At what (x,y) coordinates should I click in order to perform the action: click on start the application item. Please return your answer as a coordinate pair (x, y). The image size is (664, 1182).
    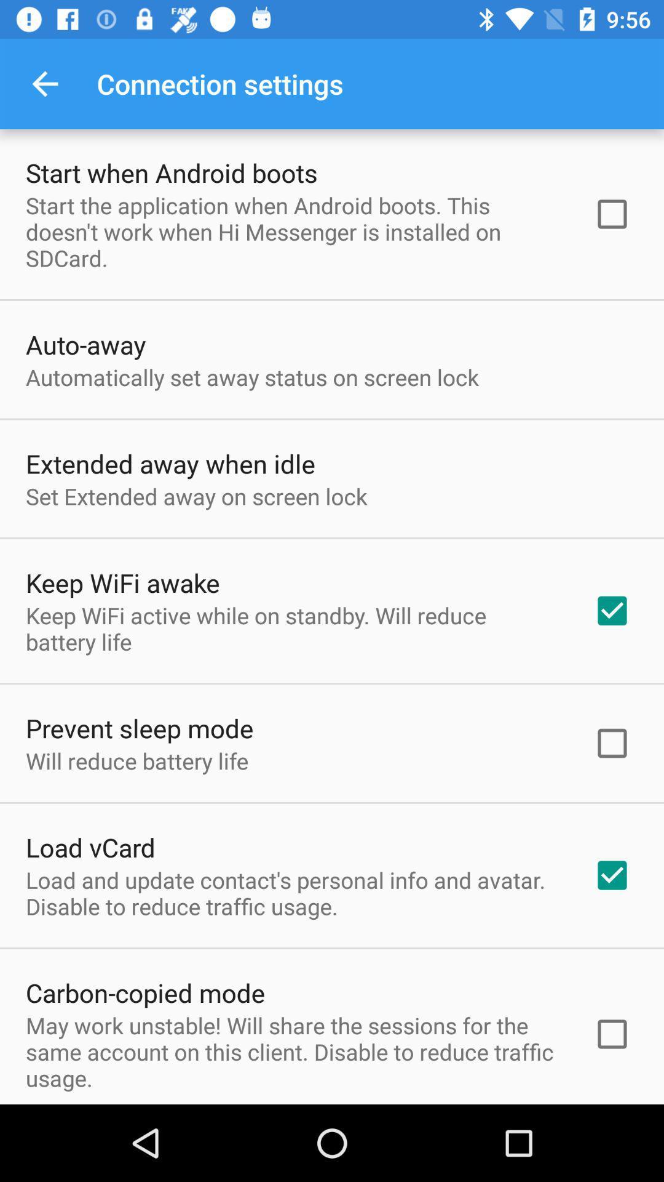
    Looking at the image, I should click on (293, 231).